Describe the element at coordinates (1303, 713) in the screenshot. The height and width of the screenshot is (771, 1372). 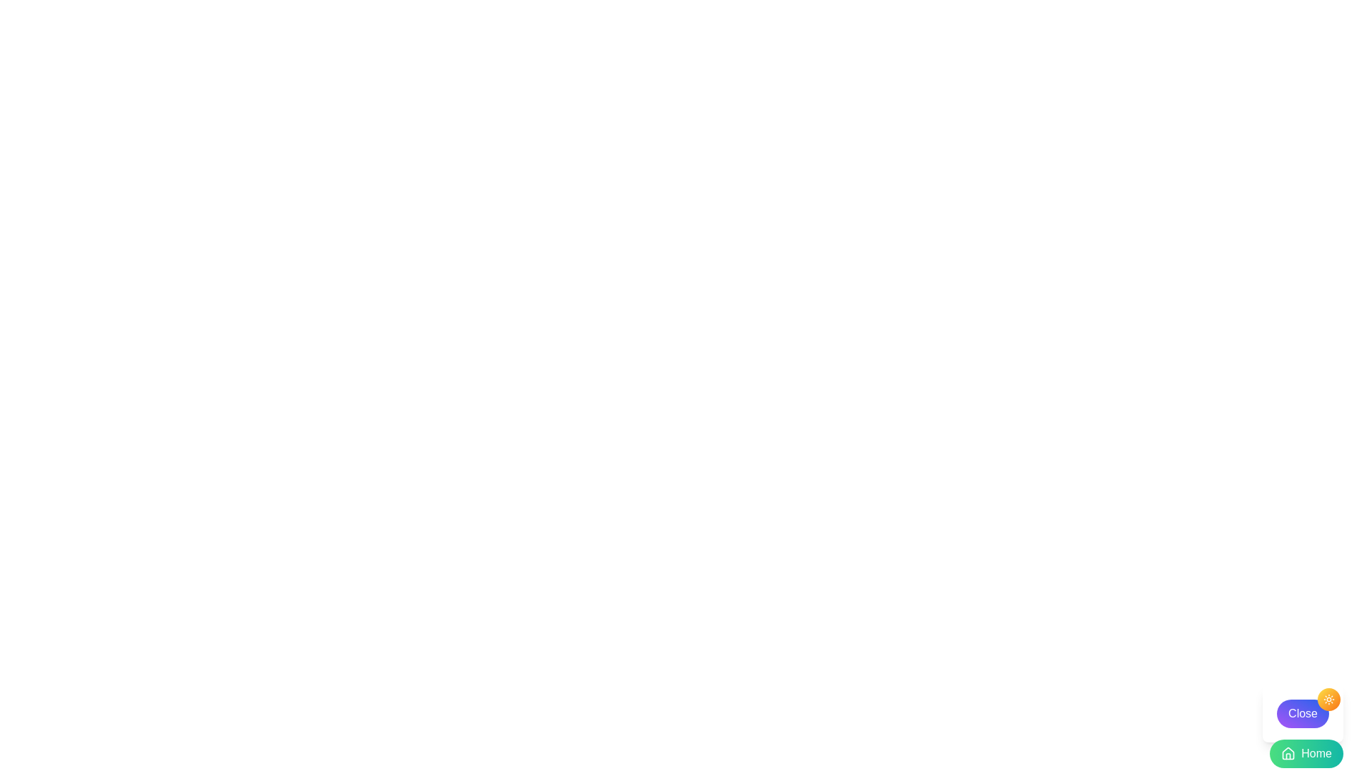
I see `the button located in the bottom-right corner of the interface that triggers a closure or dismissal action for a modal or contextual window` at that location.